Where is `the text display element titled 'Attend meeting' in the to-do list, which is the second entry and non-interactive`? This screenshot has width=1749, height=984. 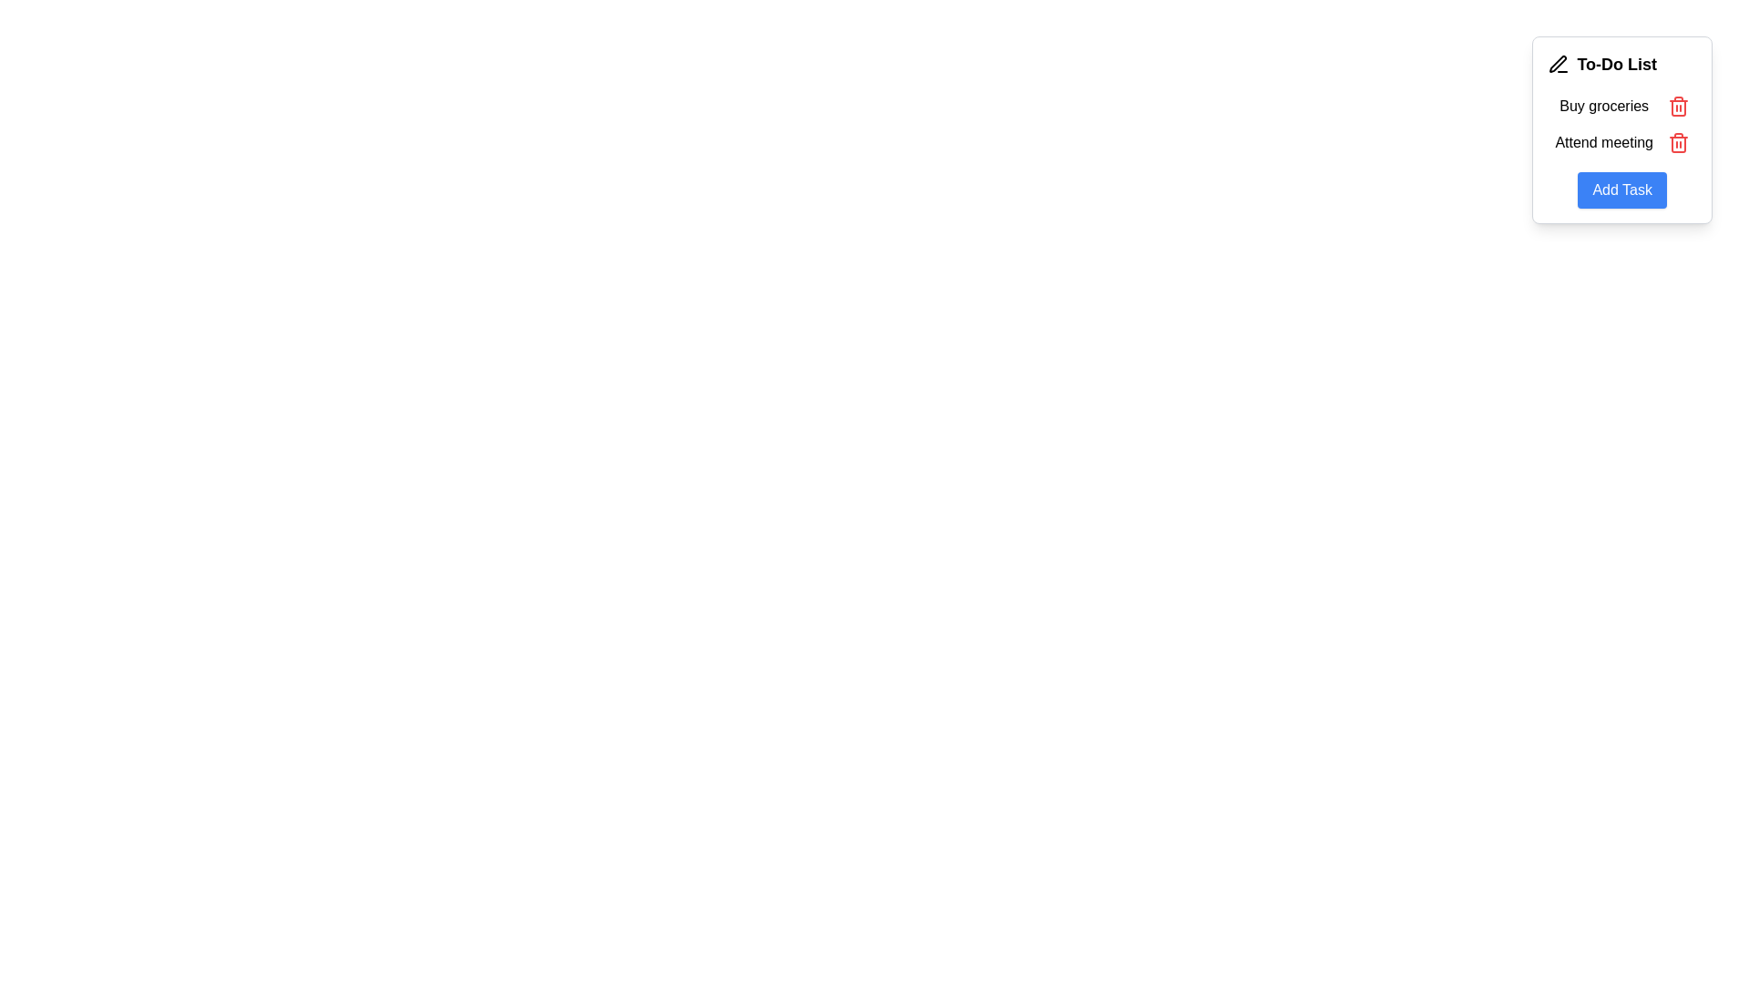
the text display element titled 'Attend meeting' in the to-do list, which is the second entry and non-interactive is located at coordinates (1604, 142).